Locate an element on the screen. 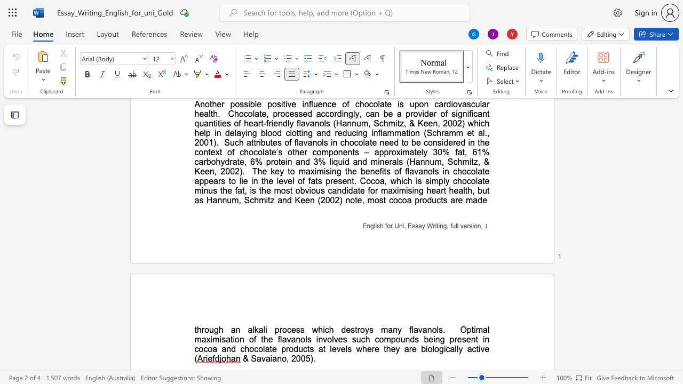 The height and width of the screenshot is (384, 683). the 1th character "v" in the text is located at coordinates (289, 339).